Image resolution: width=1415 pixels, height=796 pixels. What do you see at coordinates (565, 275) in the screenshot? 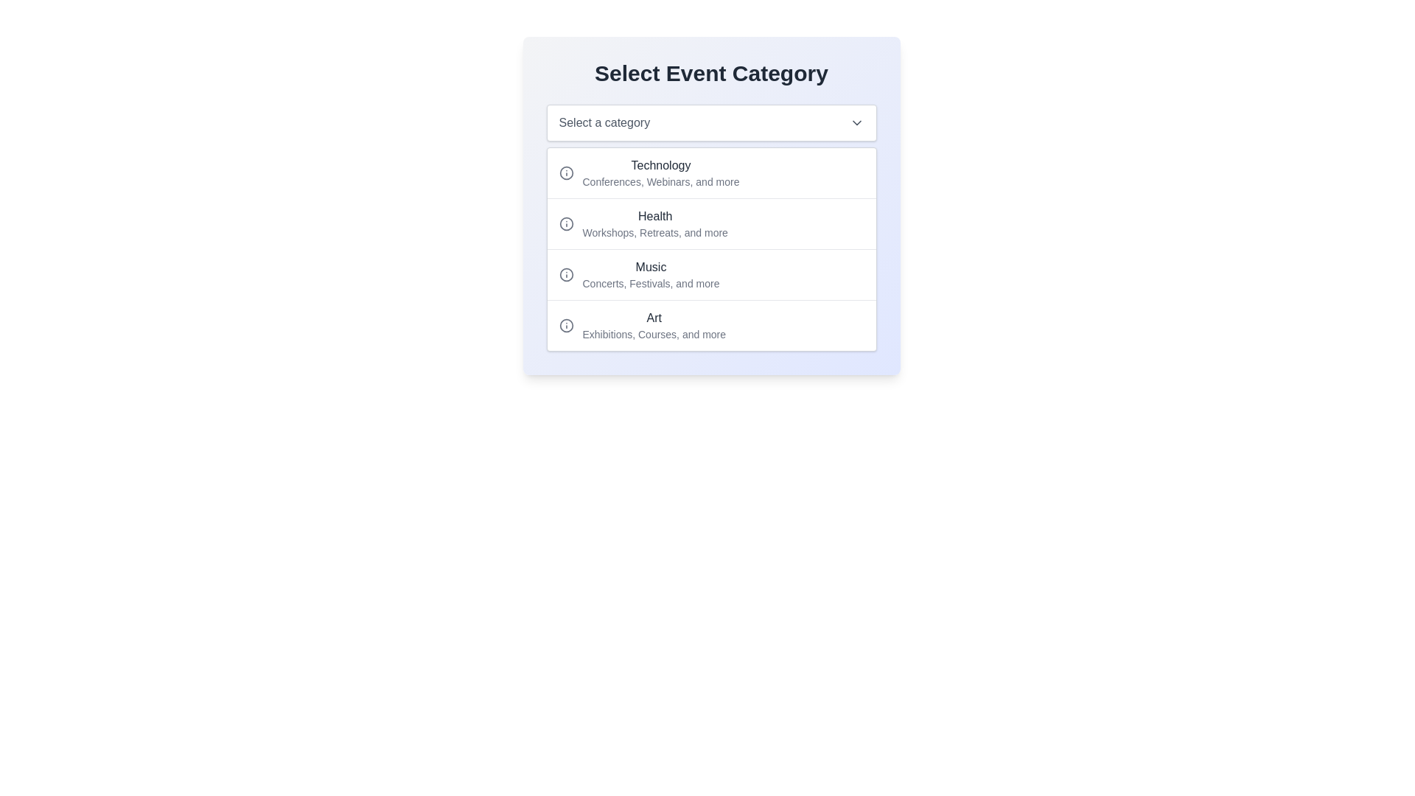
I see `the circular icon with a light gray border and white interior, which is located to the left of the 'Music' text in the third row of the dropdown list under 'Select Event Category'` at bounding box center [565, 275].